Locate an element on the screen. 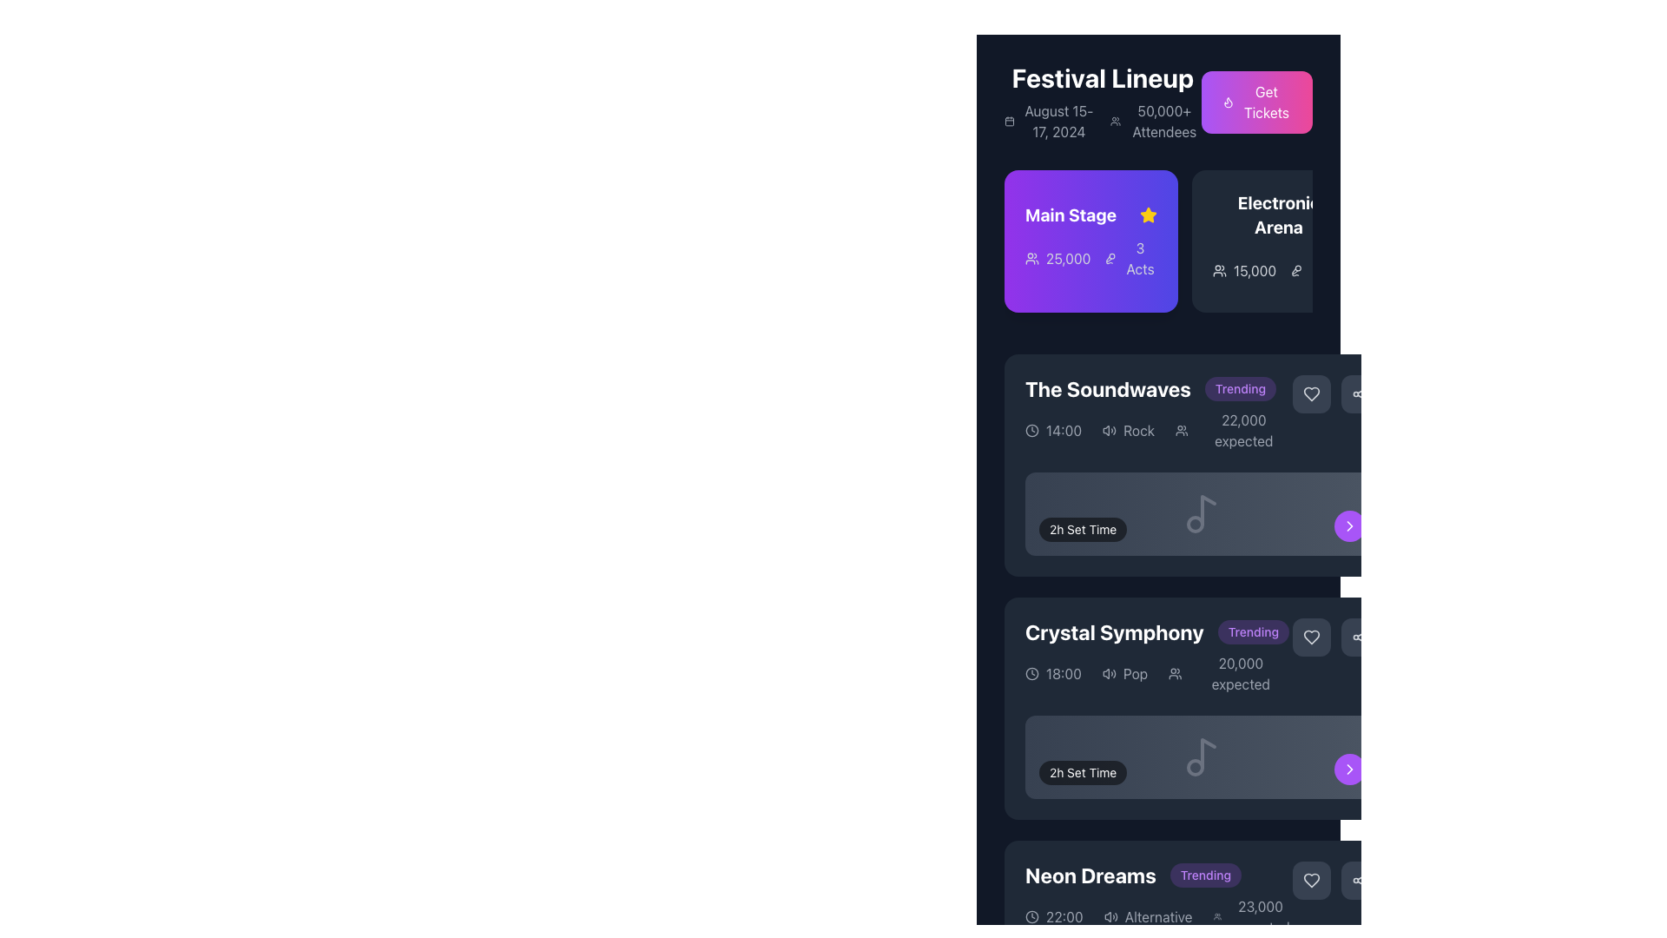  the text label within the button located in the top-right corner of the 'Festival Lineup' section is located at coordinates (1267, 102).